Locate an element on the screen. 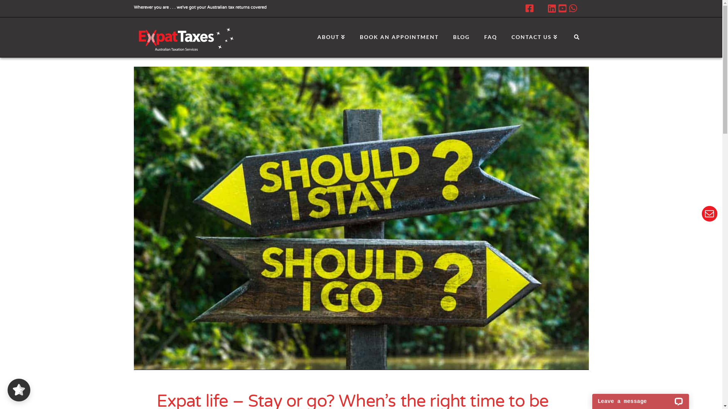 Image resolution: width=728 pixels, height=409 pixels. 'BLOG' is located at coordinates (446, 34).